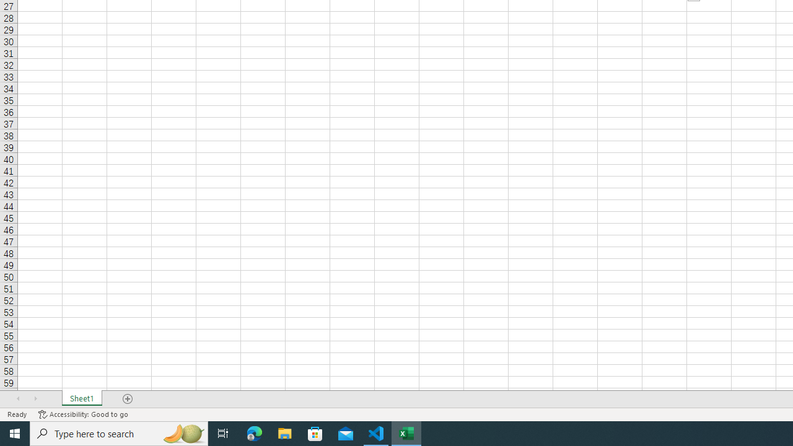 Image resolution: width=793 pixels, height=446 pixels. I want to click on 'Accessibility Checker Accessibility: Good to go', so click(82, 414).